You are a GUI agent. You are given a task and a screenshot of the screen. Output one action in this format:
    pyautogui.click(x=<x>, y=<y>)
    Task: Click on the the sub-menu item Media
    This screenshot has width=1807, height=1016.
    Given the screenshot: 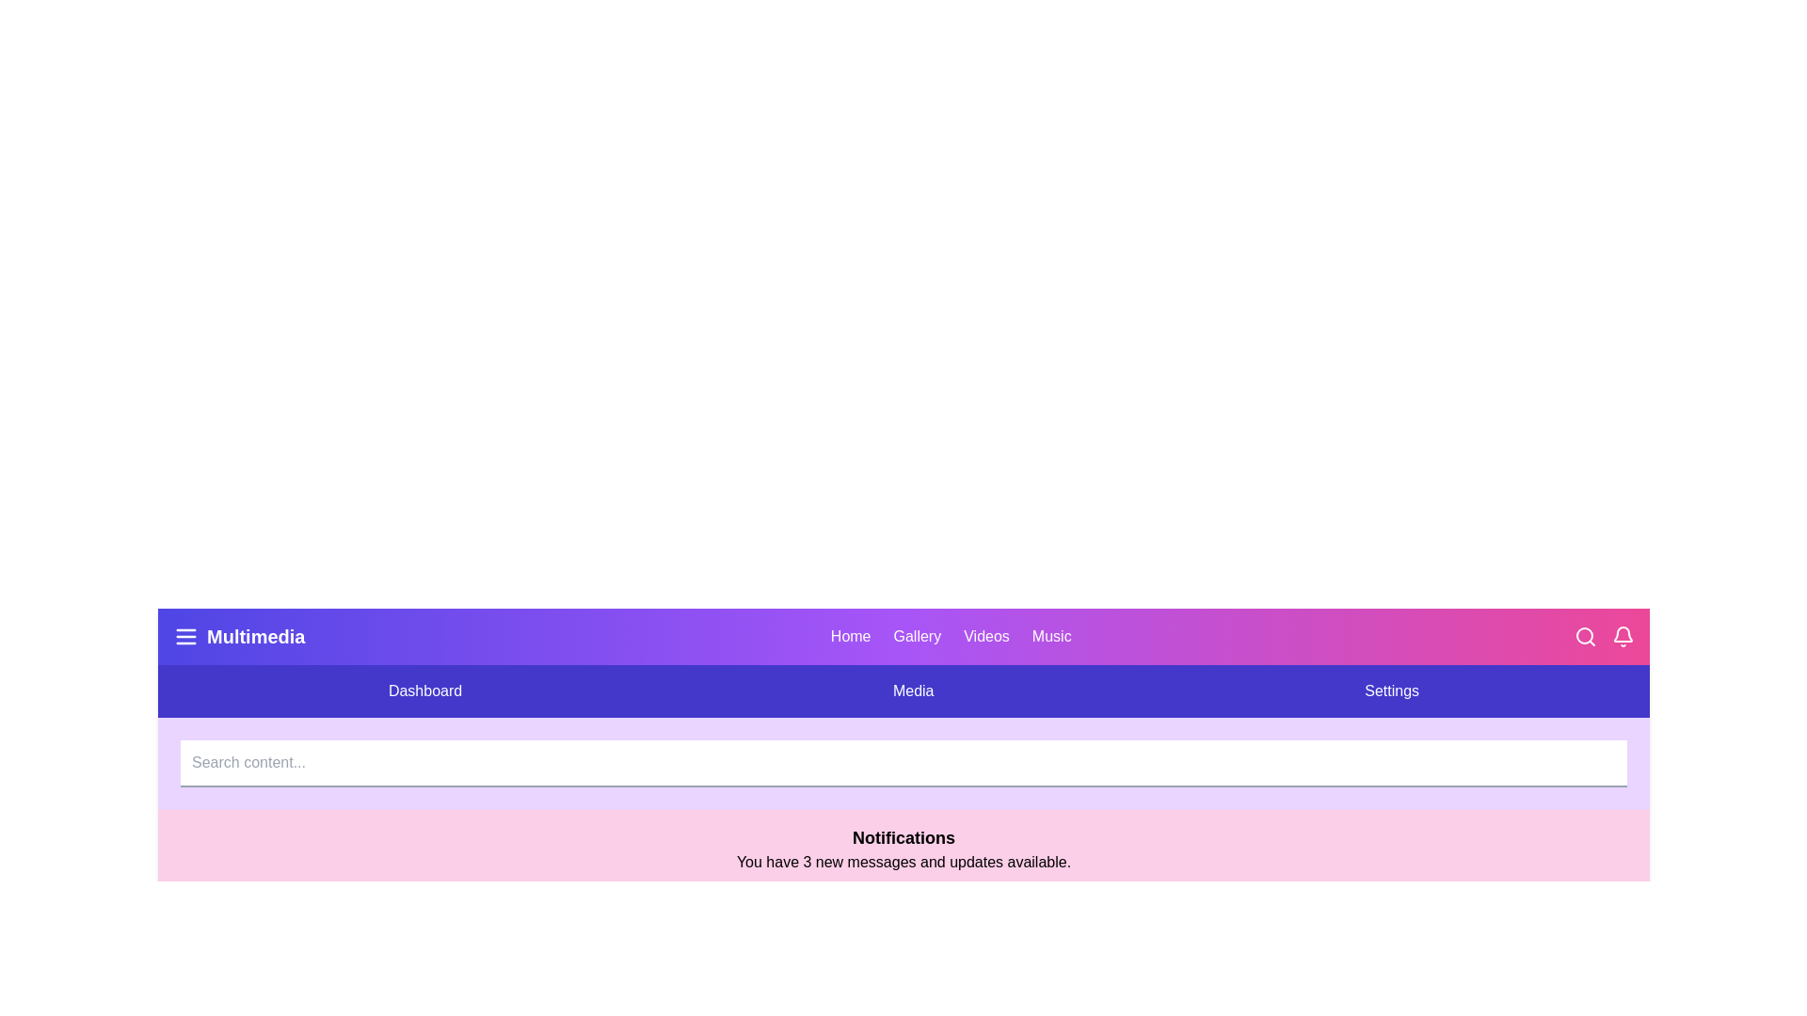 What is the action you would take?
    pyautogui.click(x=913, y=691)
    